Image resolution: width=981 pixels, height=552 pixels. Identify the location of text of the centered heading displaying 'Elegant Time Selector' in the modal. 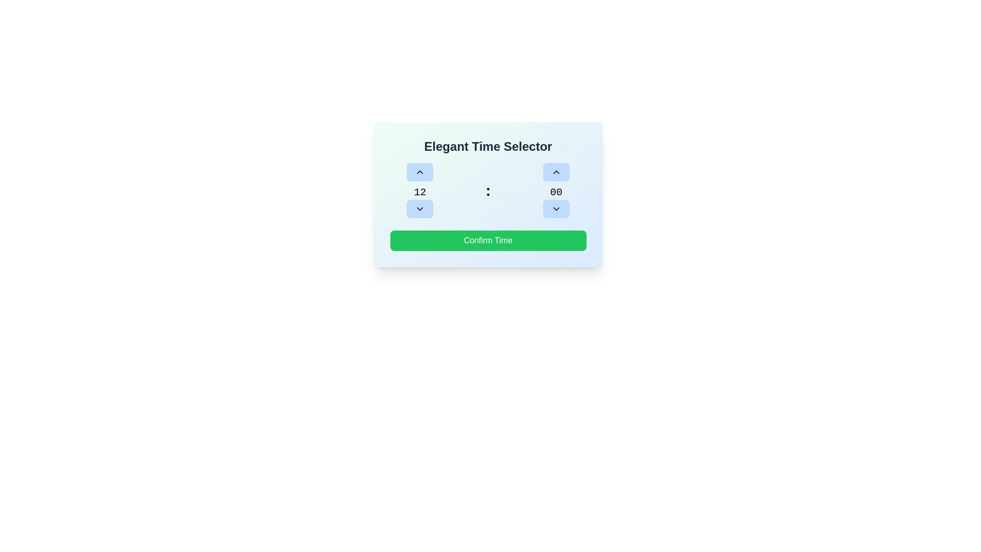
(487, 146).